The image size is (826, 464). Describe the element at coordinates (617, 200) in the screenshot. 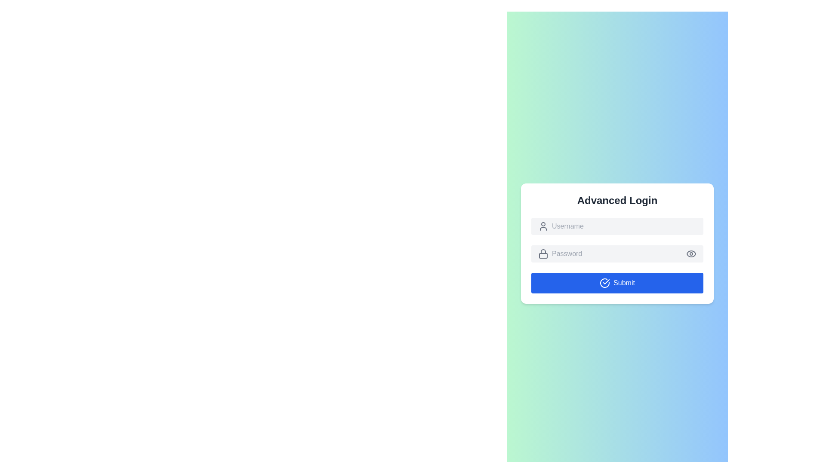

I see `the Text Label that serves as the title for the Advanced Login section, positioned at the top of the login interface above the username input field` at that location.